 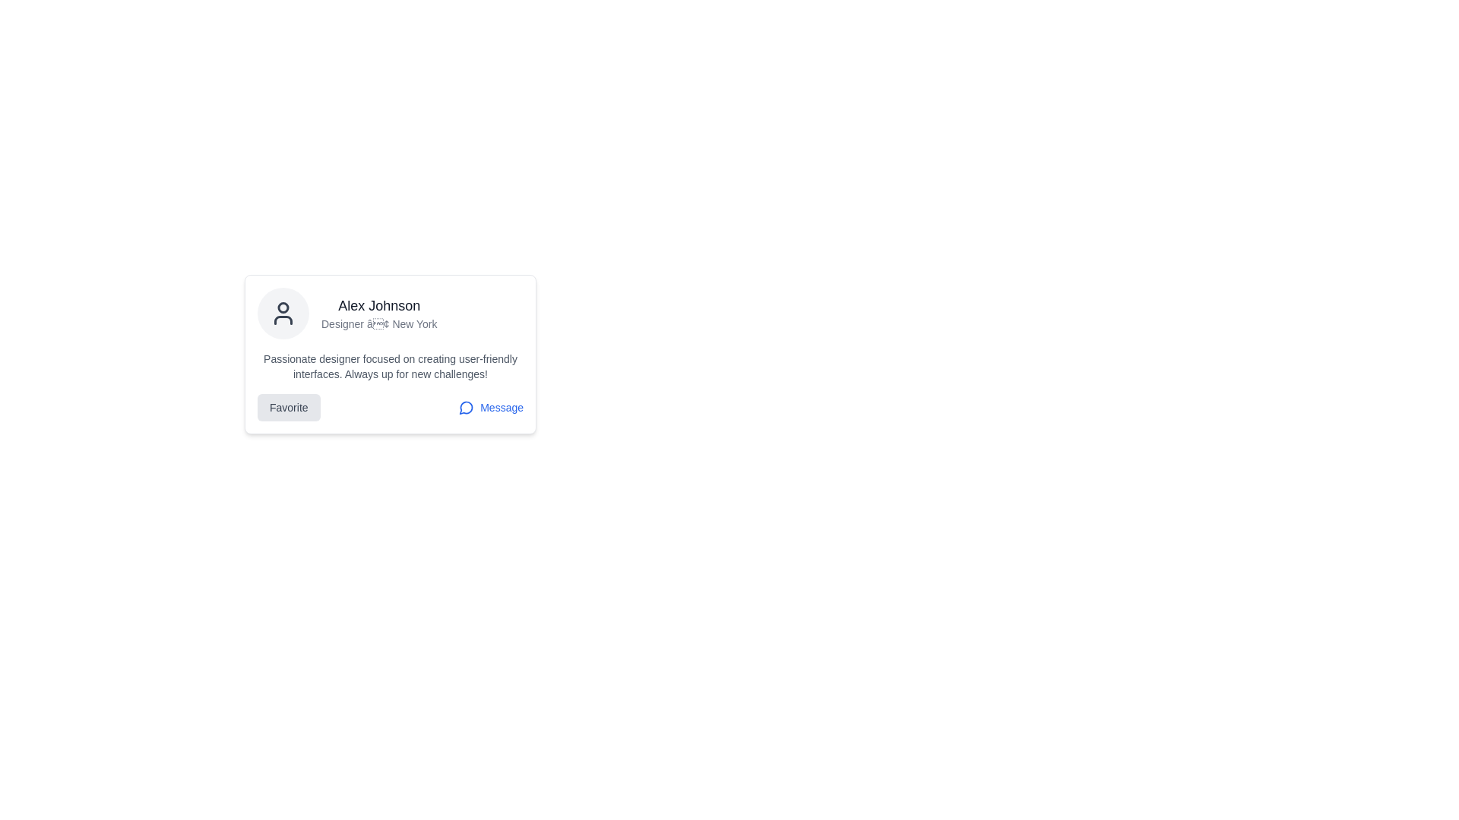 What do you see at coordinates (283, 312) in the screenshot?
I see `the user icon, which is a minimalist silhouette of a person's upper body and head, outlined in dark gray within a circular light gray background, located above the name 'Alex Johnson' in the user profile card` at bounding box center [283, 312].